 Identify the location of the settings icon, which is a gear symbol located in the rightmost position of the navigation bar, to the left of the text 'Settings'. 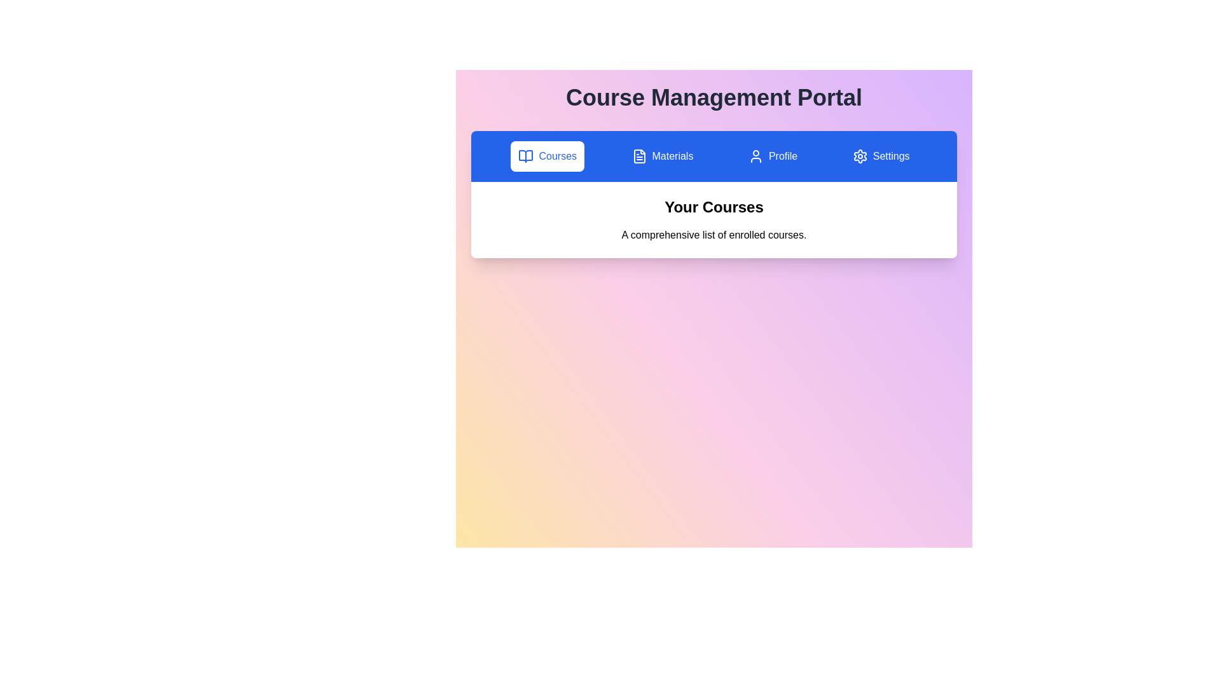
(860, 156).